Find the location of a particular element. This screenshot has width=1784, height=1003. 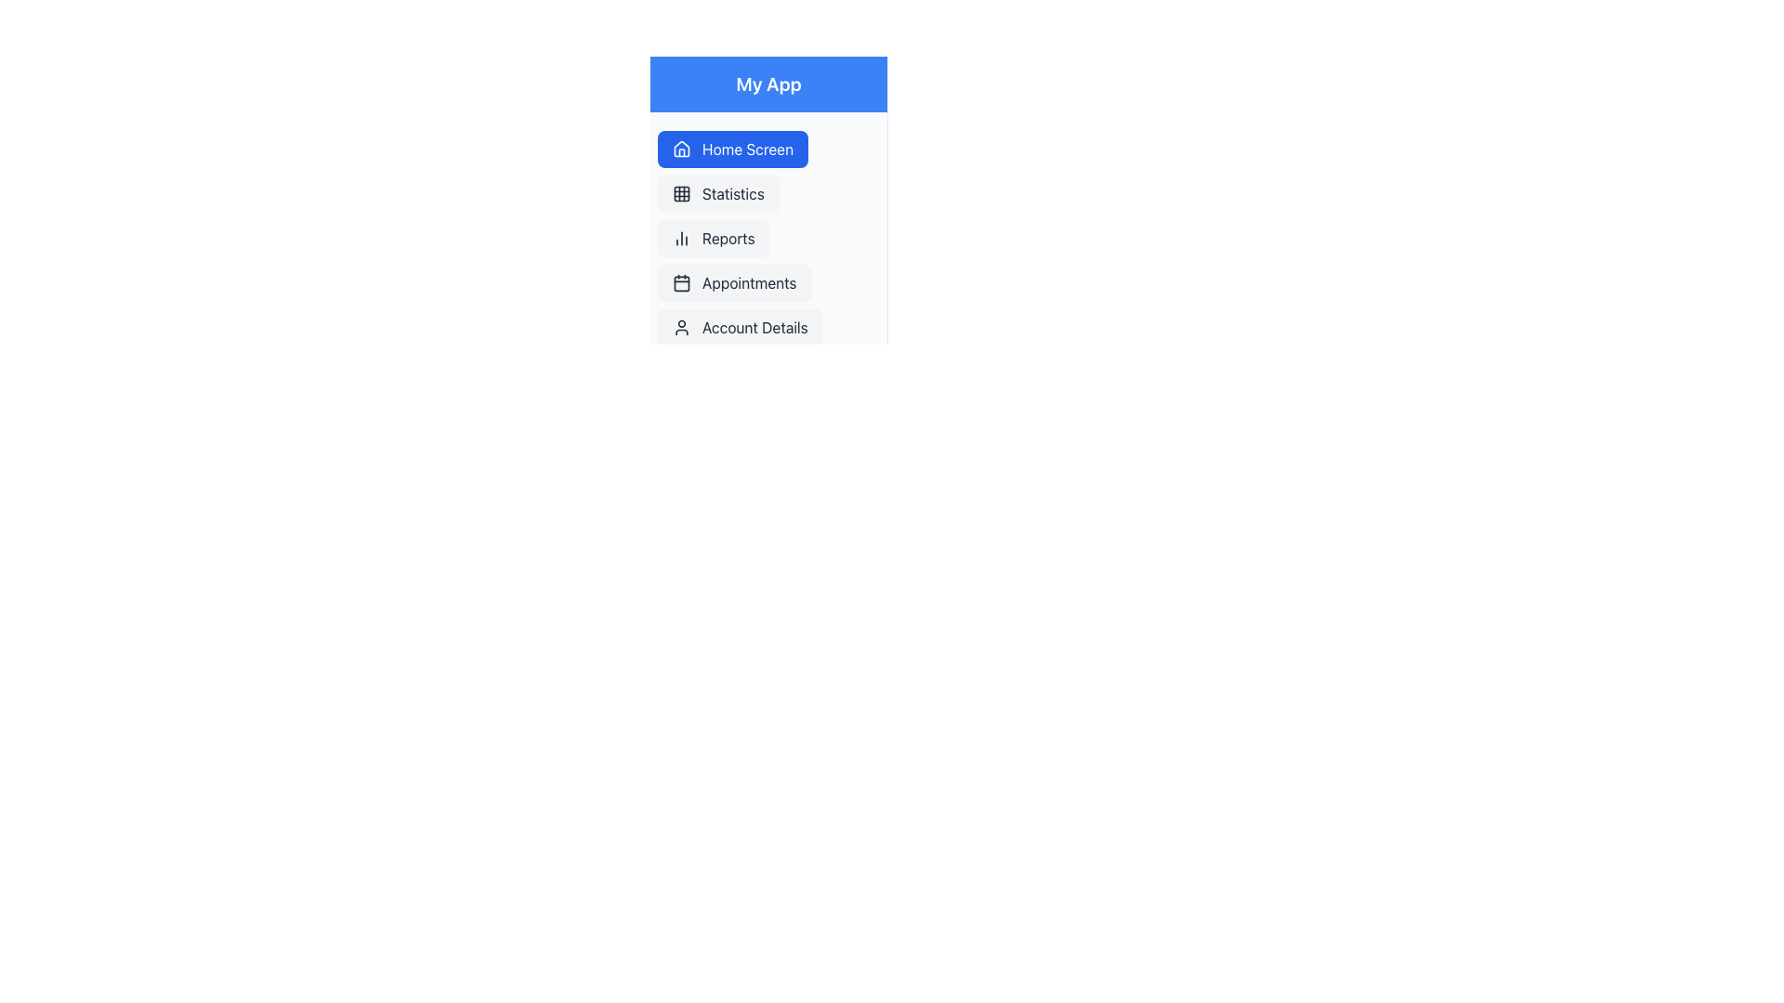

the navigation button located in the sidebar, which is the fifth button in a vertical list is located at coordinates (739, 327).